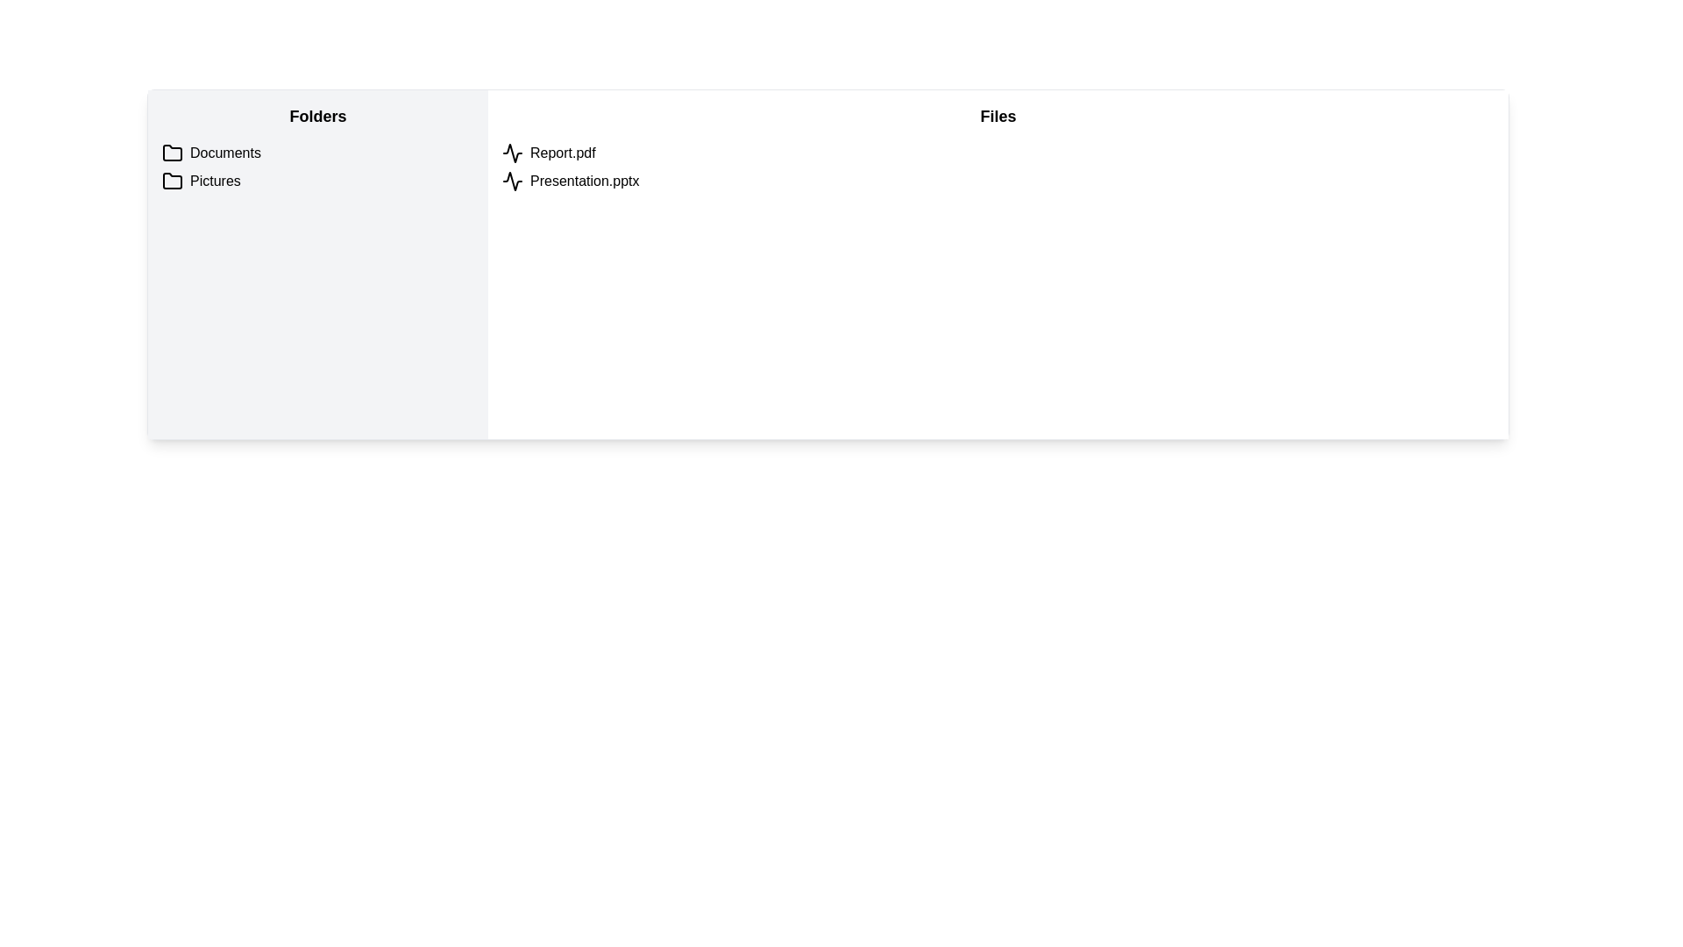 The height and width of the screenshot is (947, 1683). What do you see at coordinates (512, 182) in the screenshot?
I see `the activity icon represented by a waveform-like line style located next to the text 'Presentation.pptx'` at bounding box center [512, 182].